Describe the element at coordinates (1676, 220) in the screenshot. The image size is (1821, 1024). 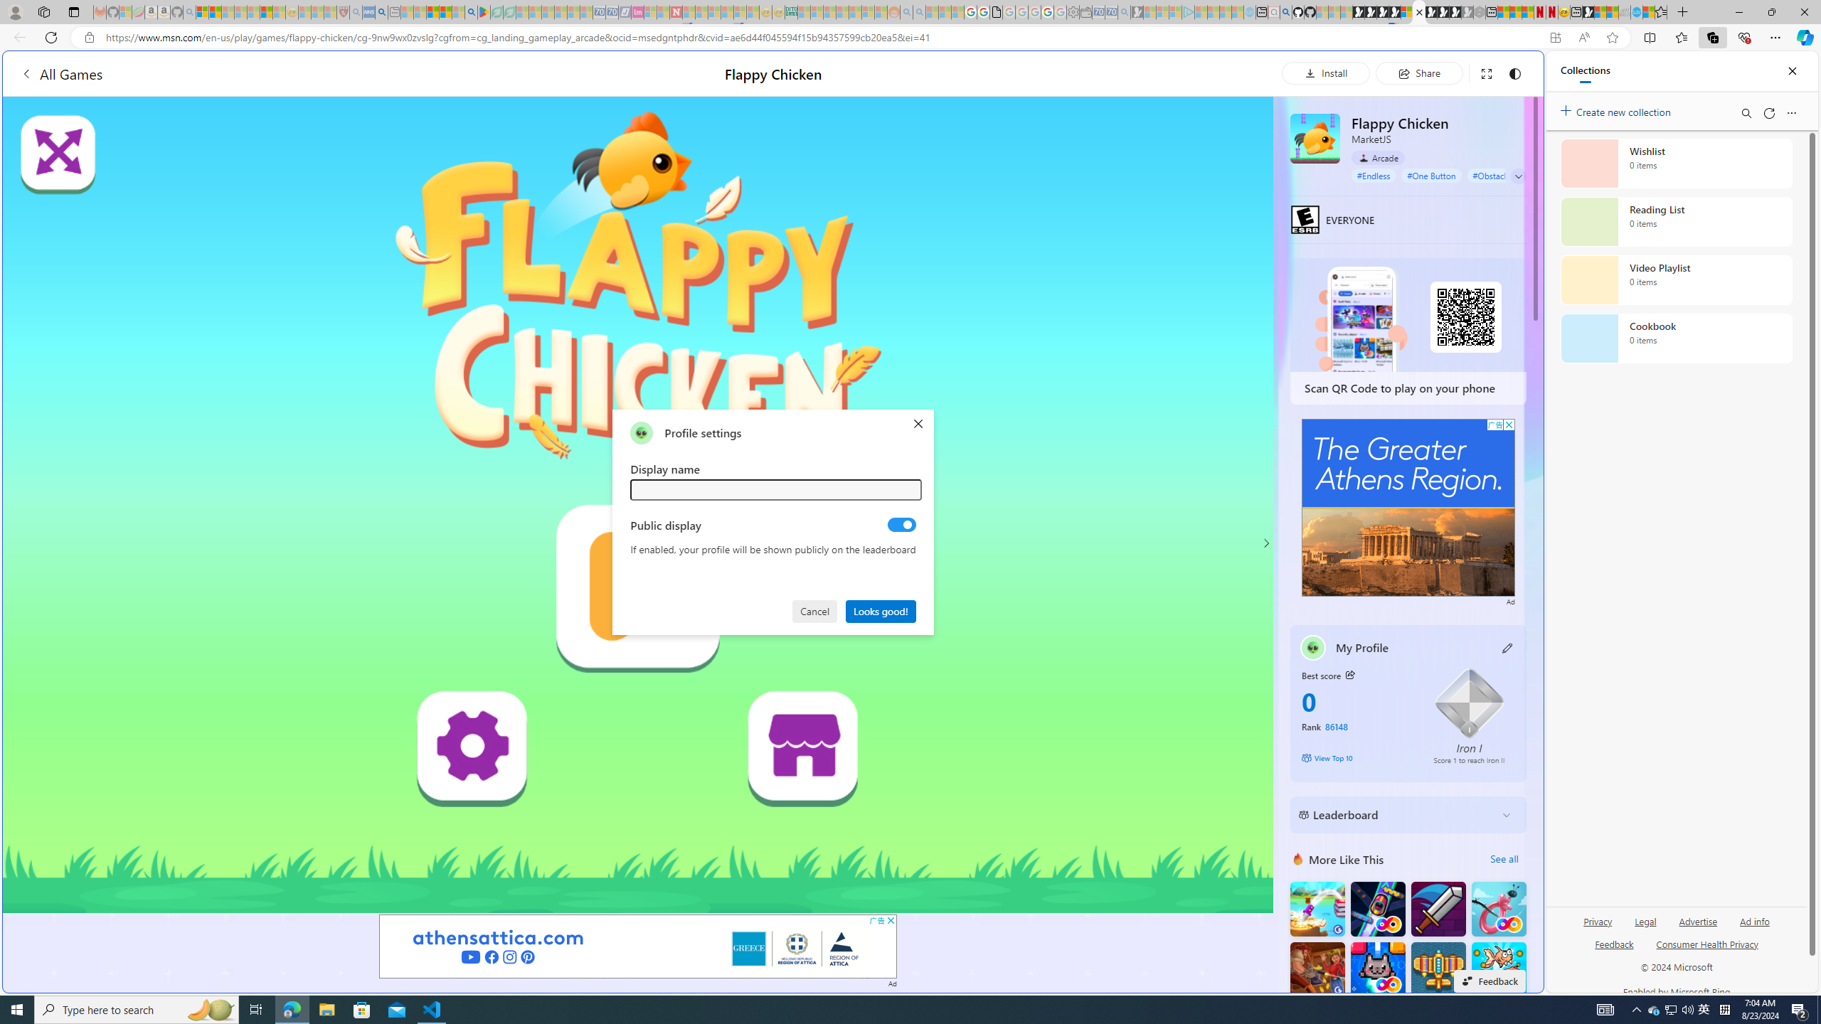
I see `'Reading List collection, 0 items'` at that location.